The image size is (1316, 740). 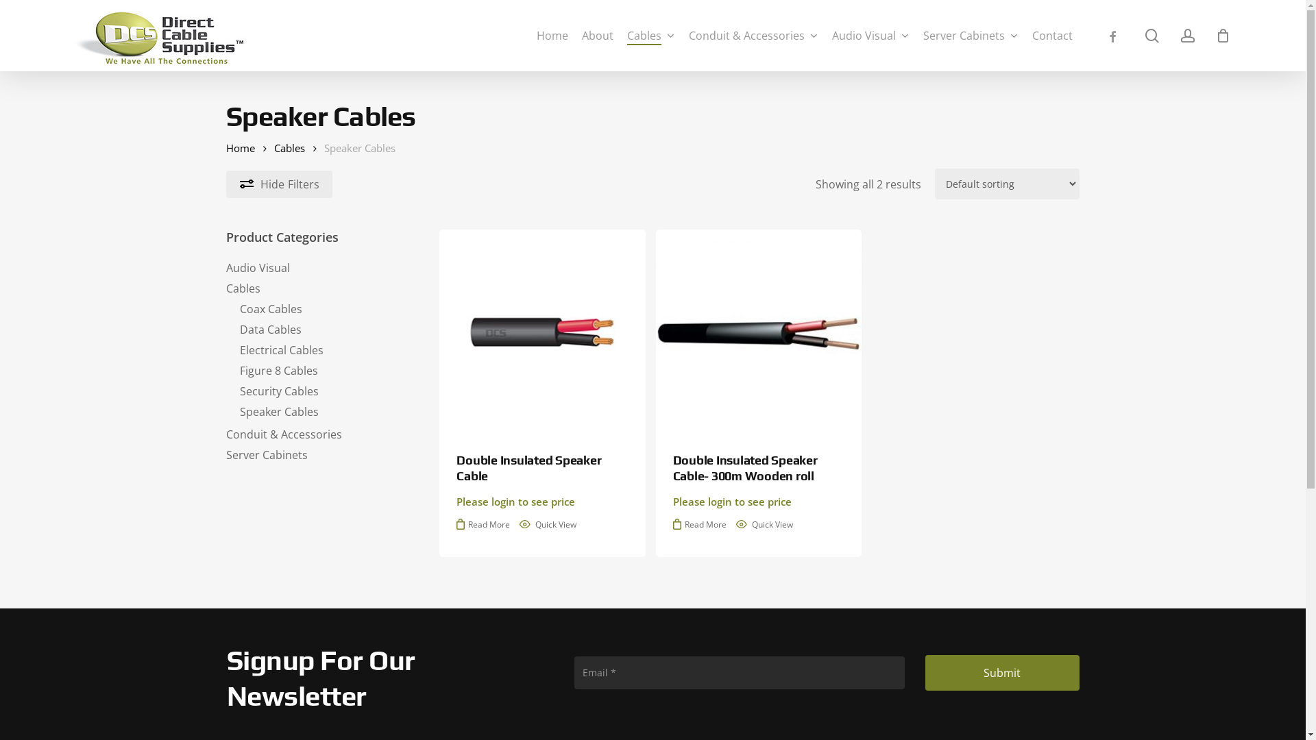 What do you see at coordinates (278, 182) in the screenshot?
I see `'Hide` at bounding box center [278, 182].